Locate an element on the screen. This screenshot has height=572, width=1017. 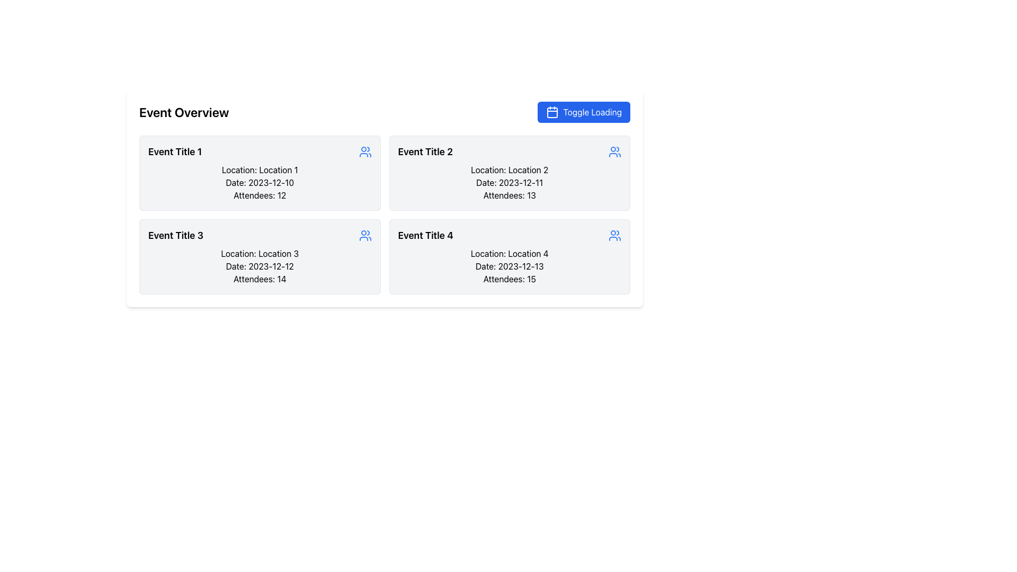
the 'Toggle Loading' button located at the top-right corner, next to 'Event Overview' is located at coordinates (583, 112).